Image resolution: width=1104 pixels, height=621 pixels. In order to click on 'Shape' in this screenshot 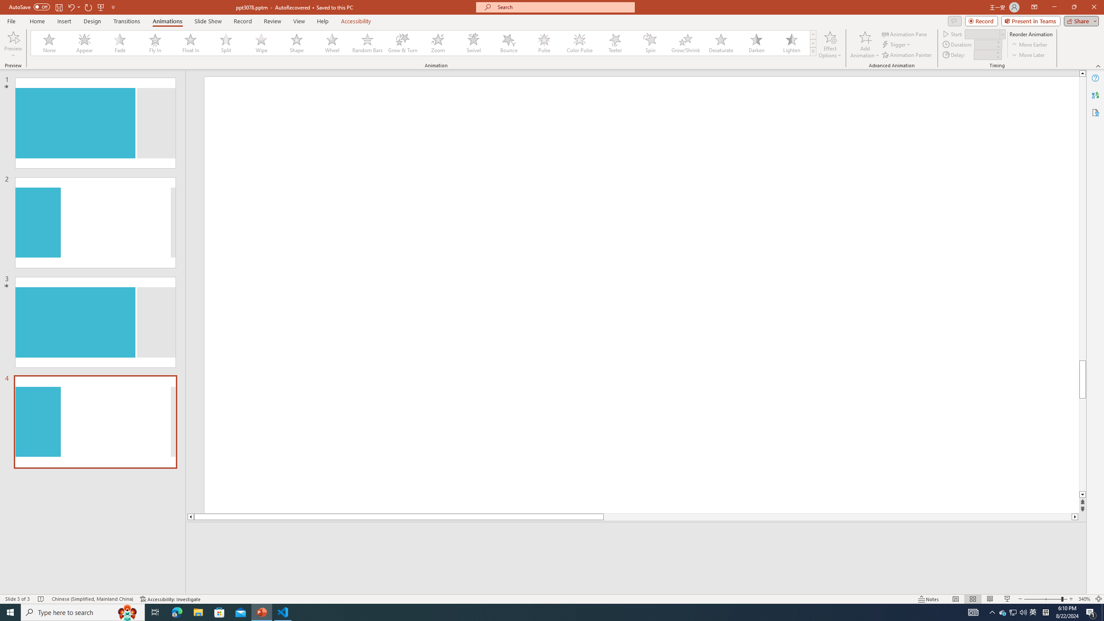, I will do `click(297, 43)`.